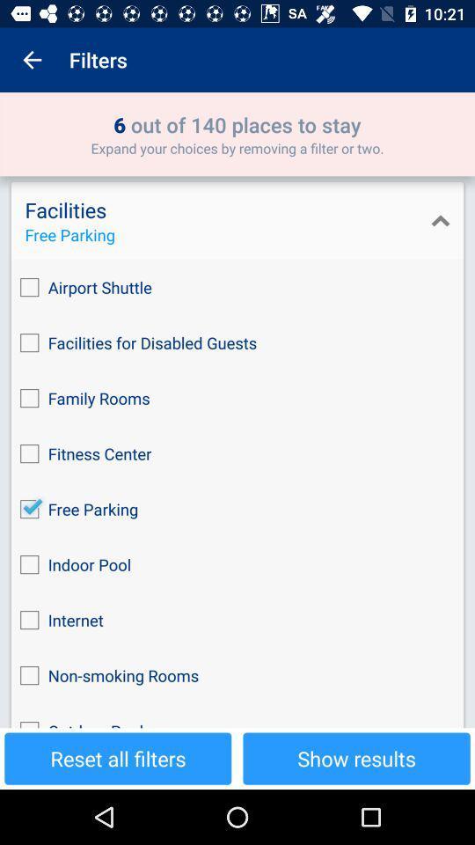 This screenshot has height=845, width=475. Describe the element at coordinates (237, 716) in the screenshot. I see `the outdoor pool icon` at that location.